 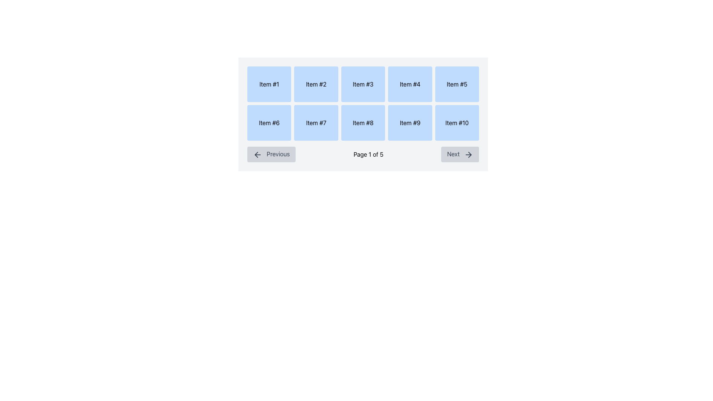 I want to click on the static text card that displays 'Item #4', which is a rectangular card with a light blue background and rounded corners, positioned as the fourth item in a grid layout, so click(x=410, y=84).